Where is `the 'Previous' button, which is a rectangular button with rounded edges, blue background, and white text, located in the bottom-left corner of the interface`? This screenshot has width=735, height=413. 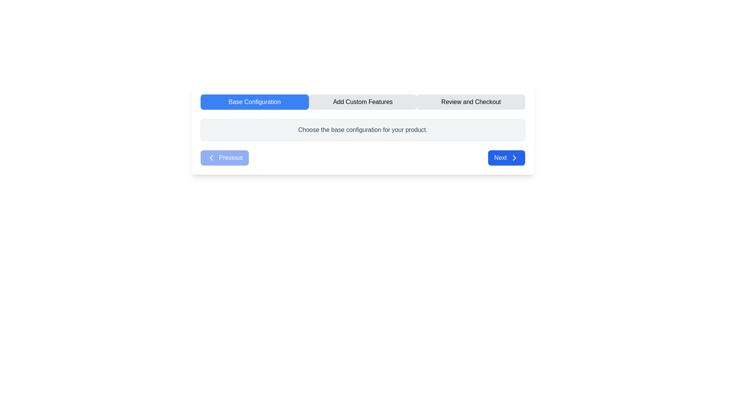
the 'Previous' button, which is a rectangular button with rounded edges, blue background, and white text, located in the bottom-left corner of the interface is located at coordinates (224, 157).